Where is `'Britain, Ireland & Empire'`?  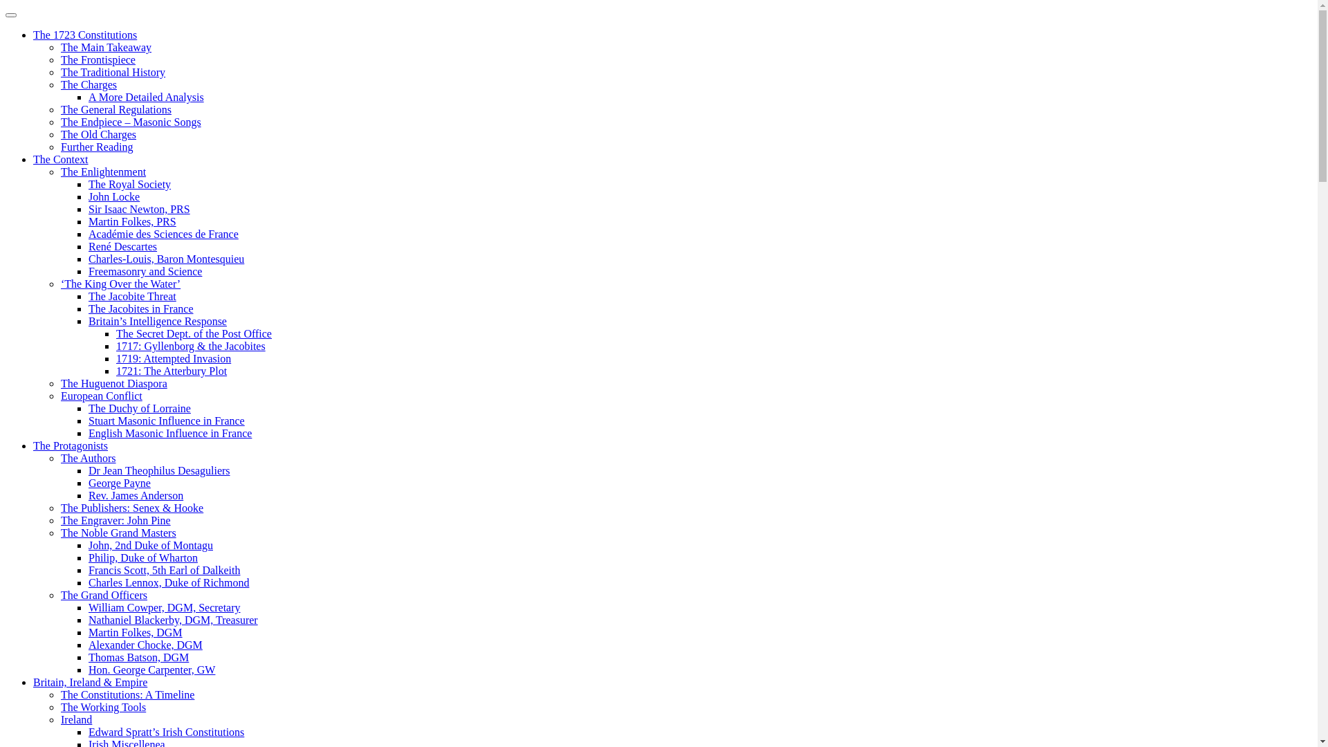
'Britain, Ireland & Empire' is located at coordinates (89, 681).